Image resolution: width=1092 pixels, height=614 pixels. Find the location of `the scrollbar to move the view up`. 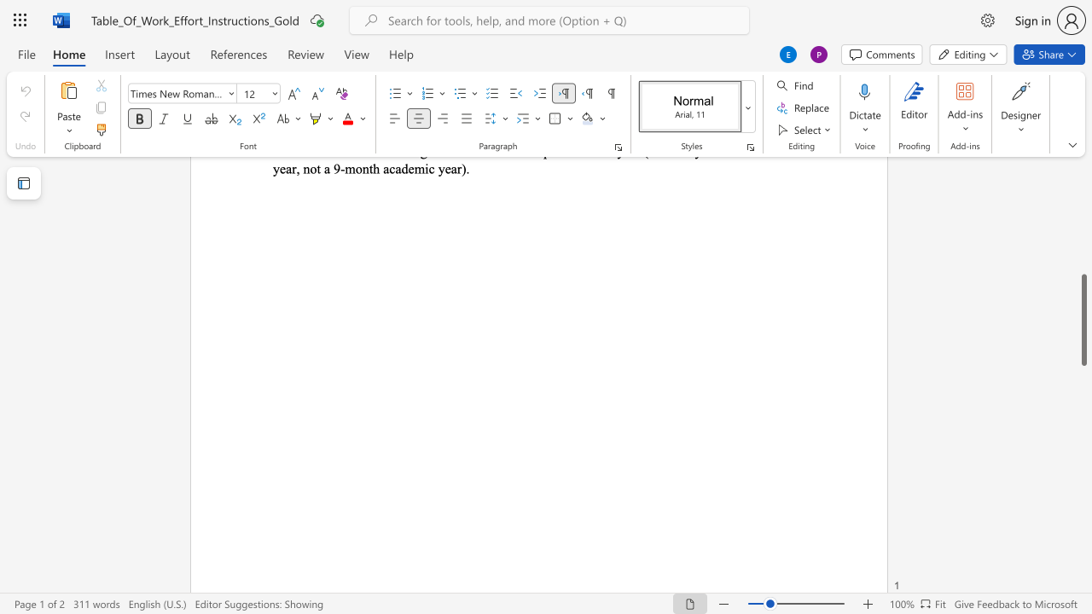

the scrollbar to move the view up is located at coordinates (1083, 203).